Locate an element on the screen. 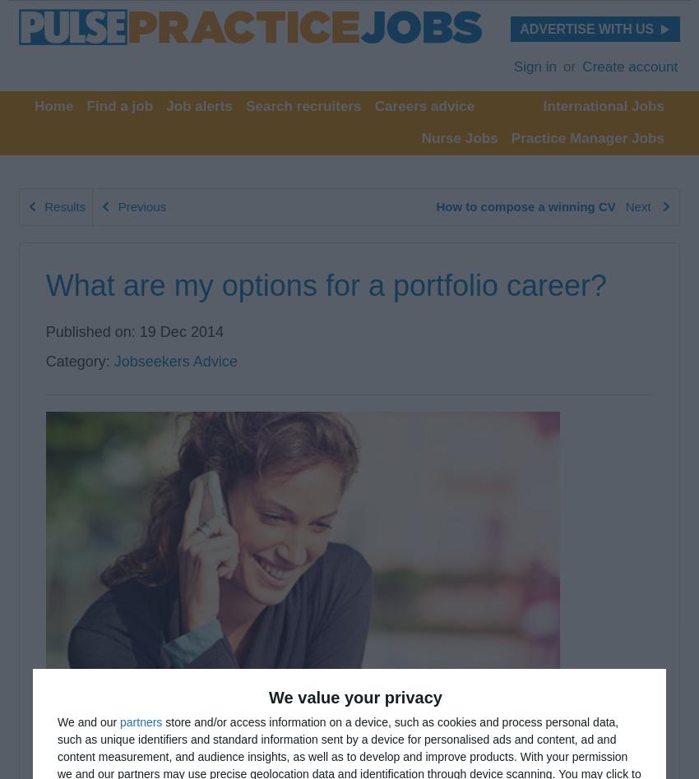  'Careers advice' is located at coordinates (373, 105).